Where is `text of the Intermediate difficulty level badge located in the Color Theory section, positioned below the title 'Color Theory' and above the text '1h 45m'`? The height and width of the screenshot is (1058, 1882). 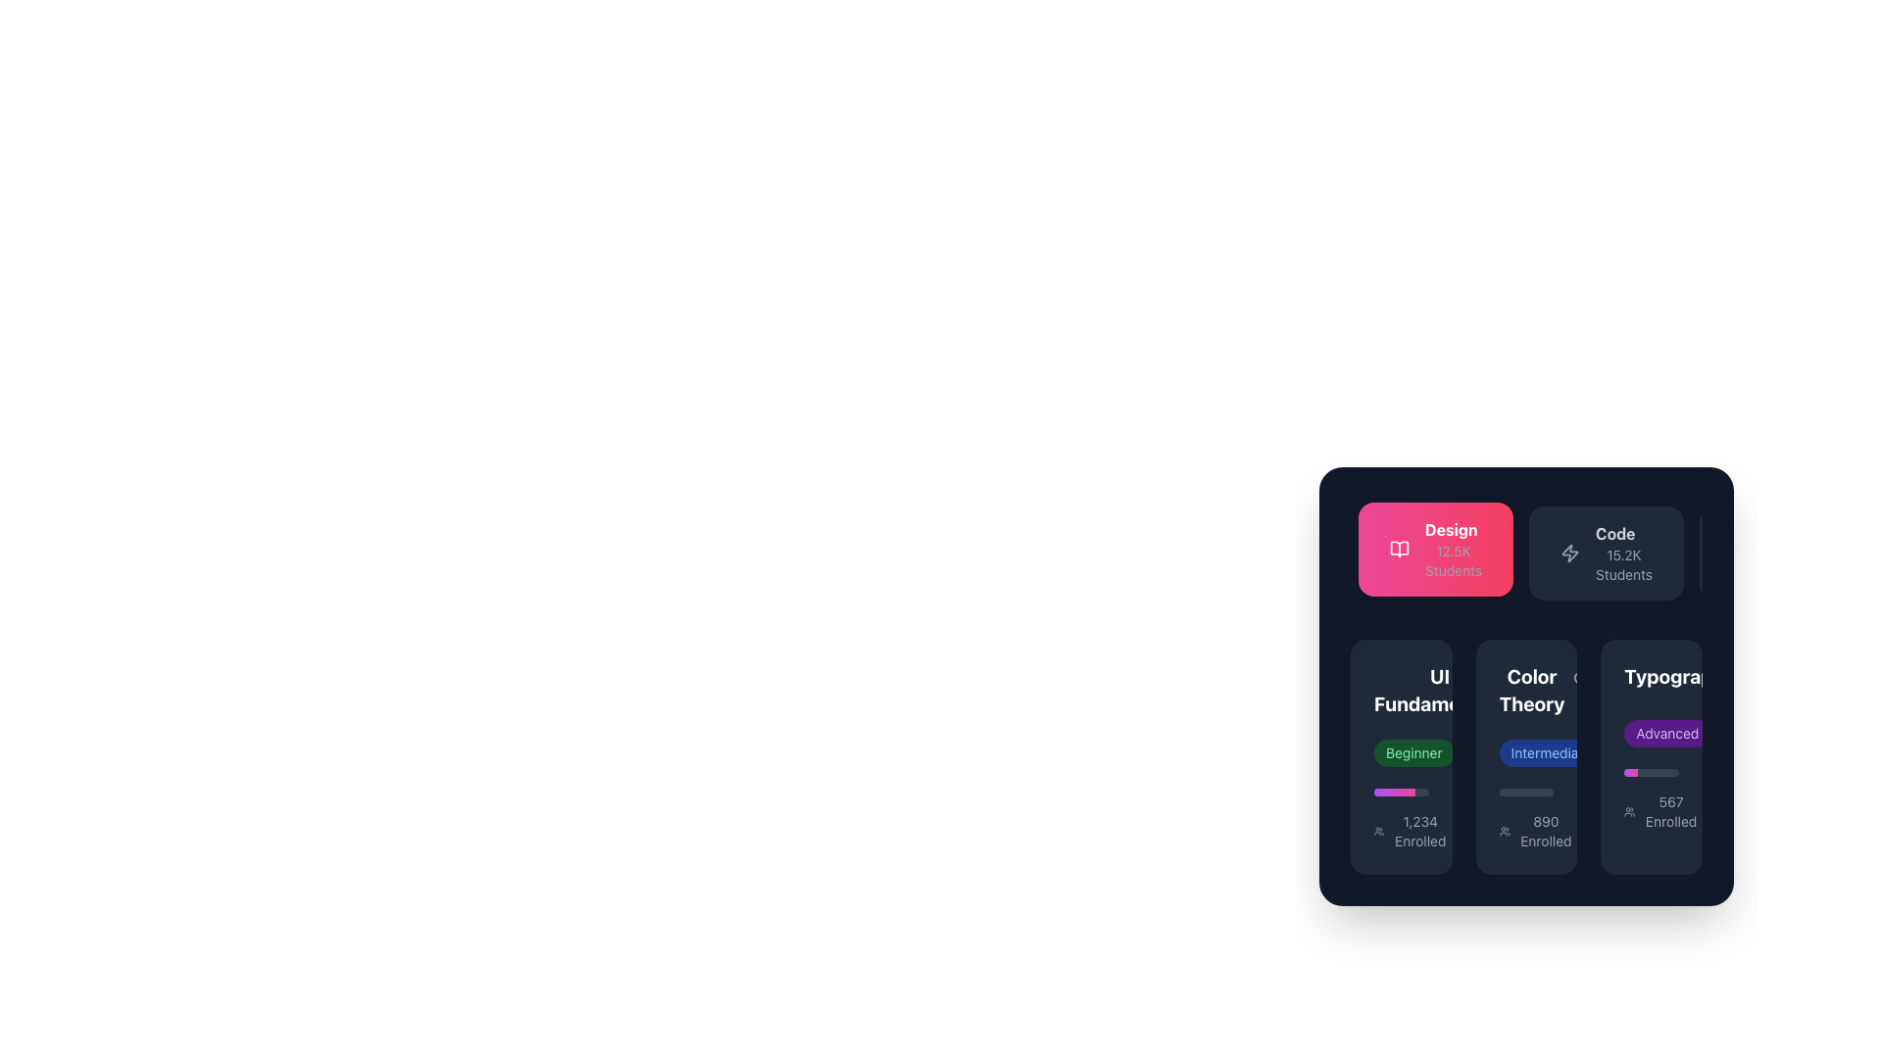 text of the Intermediate difficulty level badge located in the Color Theory section, positioned below the title 'Color Theory' and above the text '1h 45m' is located at coordinates (1525, 751).